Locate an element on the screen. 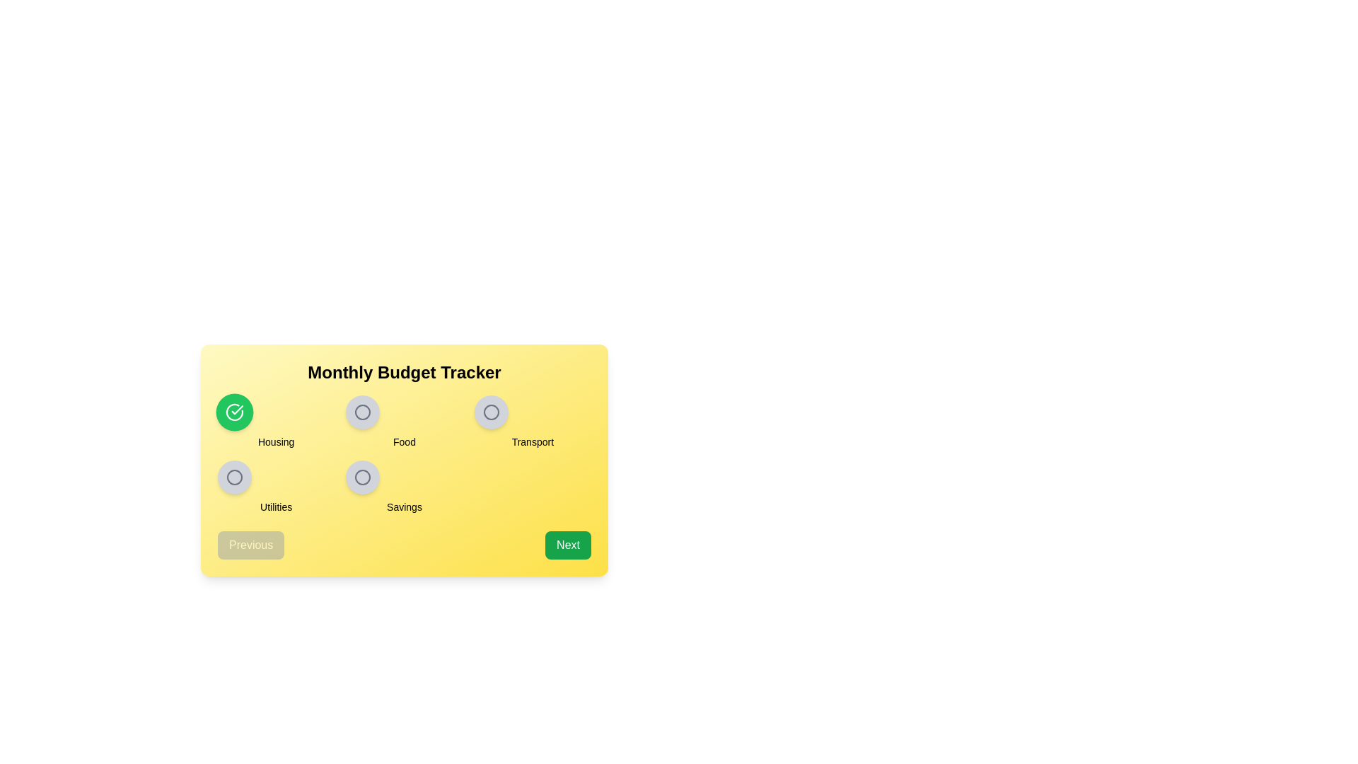 This screenshot has width=1358, height=764. text label 'Transport' located below the circular icon in the transport group is located at coordinates (532, 441).